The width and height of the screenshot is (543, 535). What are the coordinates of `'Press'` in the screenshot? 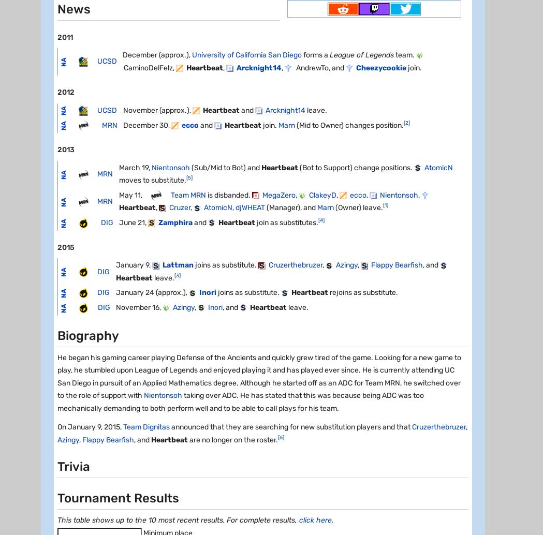 It's located at (194, 211).